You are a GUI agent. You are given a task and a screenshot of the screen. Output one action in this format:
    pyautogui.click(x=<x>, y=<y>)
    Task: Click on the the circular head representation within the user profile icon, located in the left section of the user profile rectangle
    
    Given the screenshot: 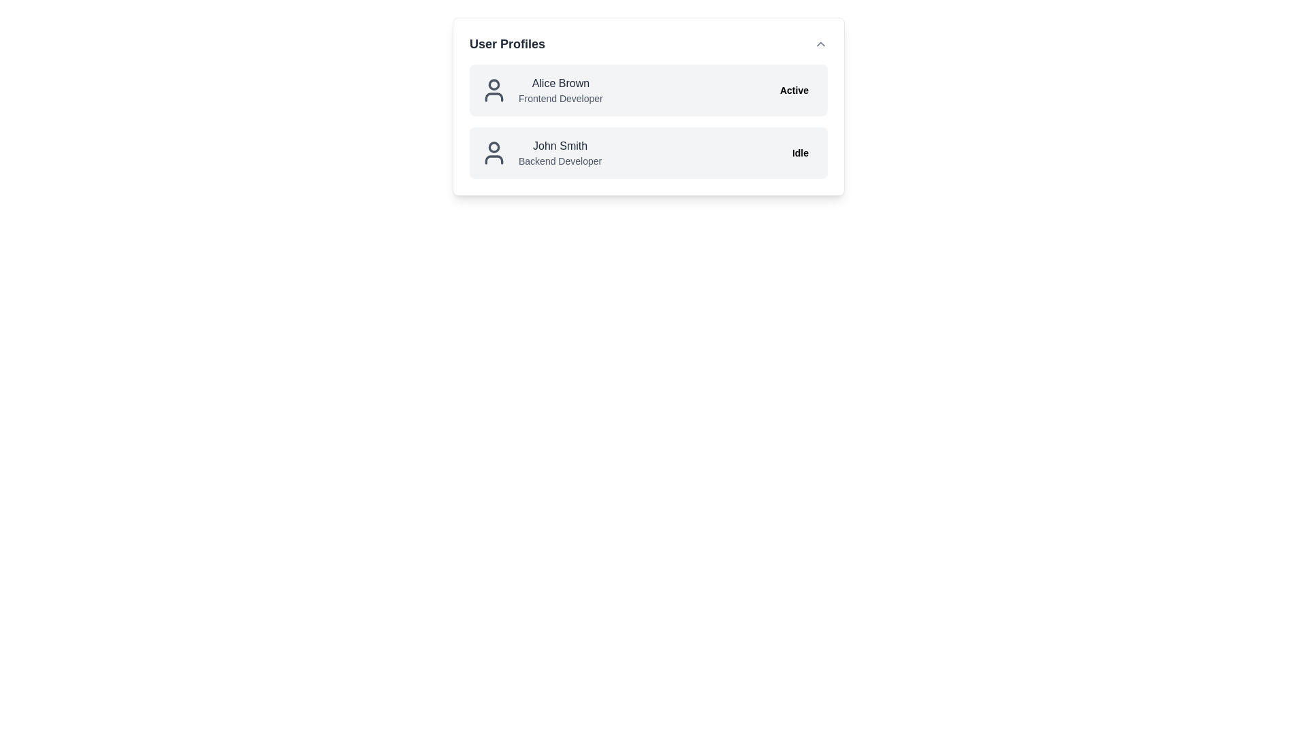 What is the action you would take?
    pyautogui.click(x=493, y=84)
    